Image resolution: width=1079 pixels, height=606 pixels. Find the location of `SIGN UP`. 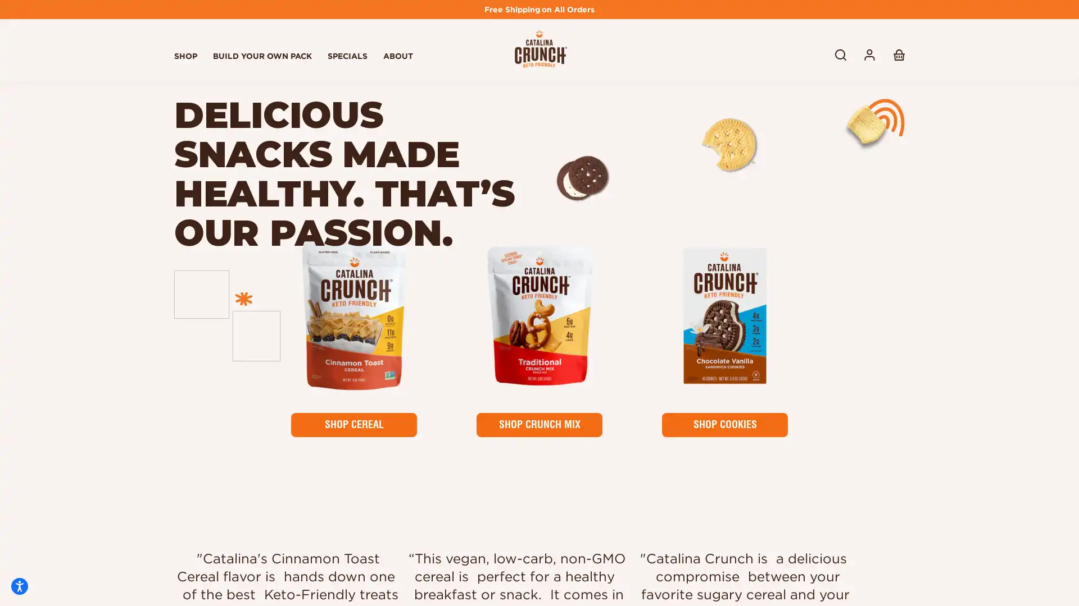

SIGN UP is located at coordinates (857, 499).